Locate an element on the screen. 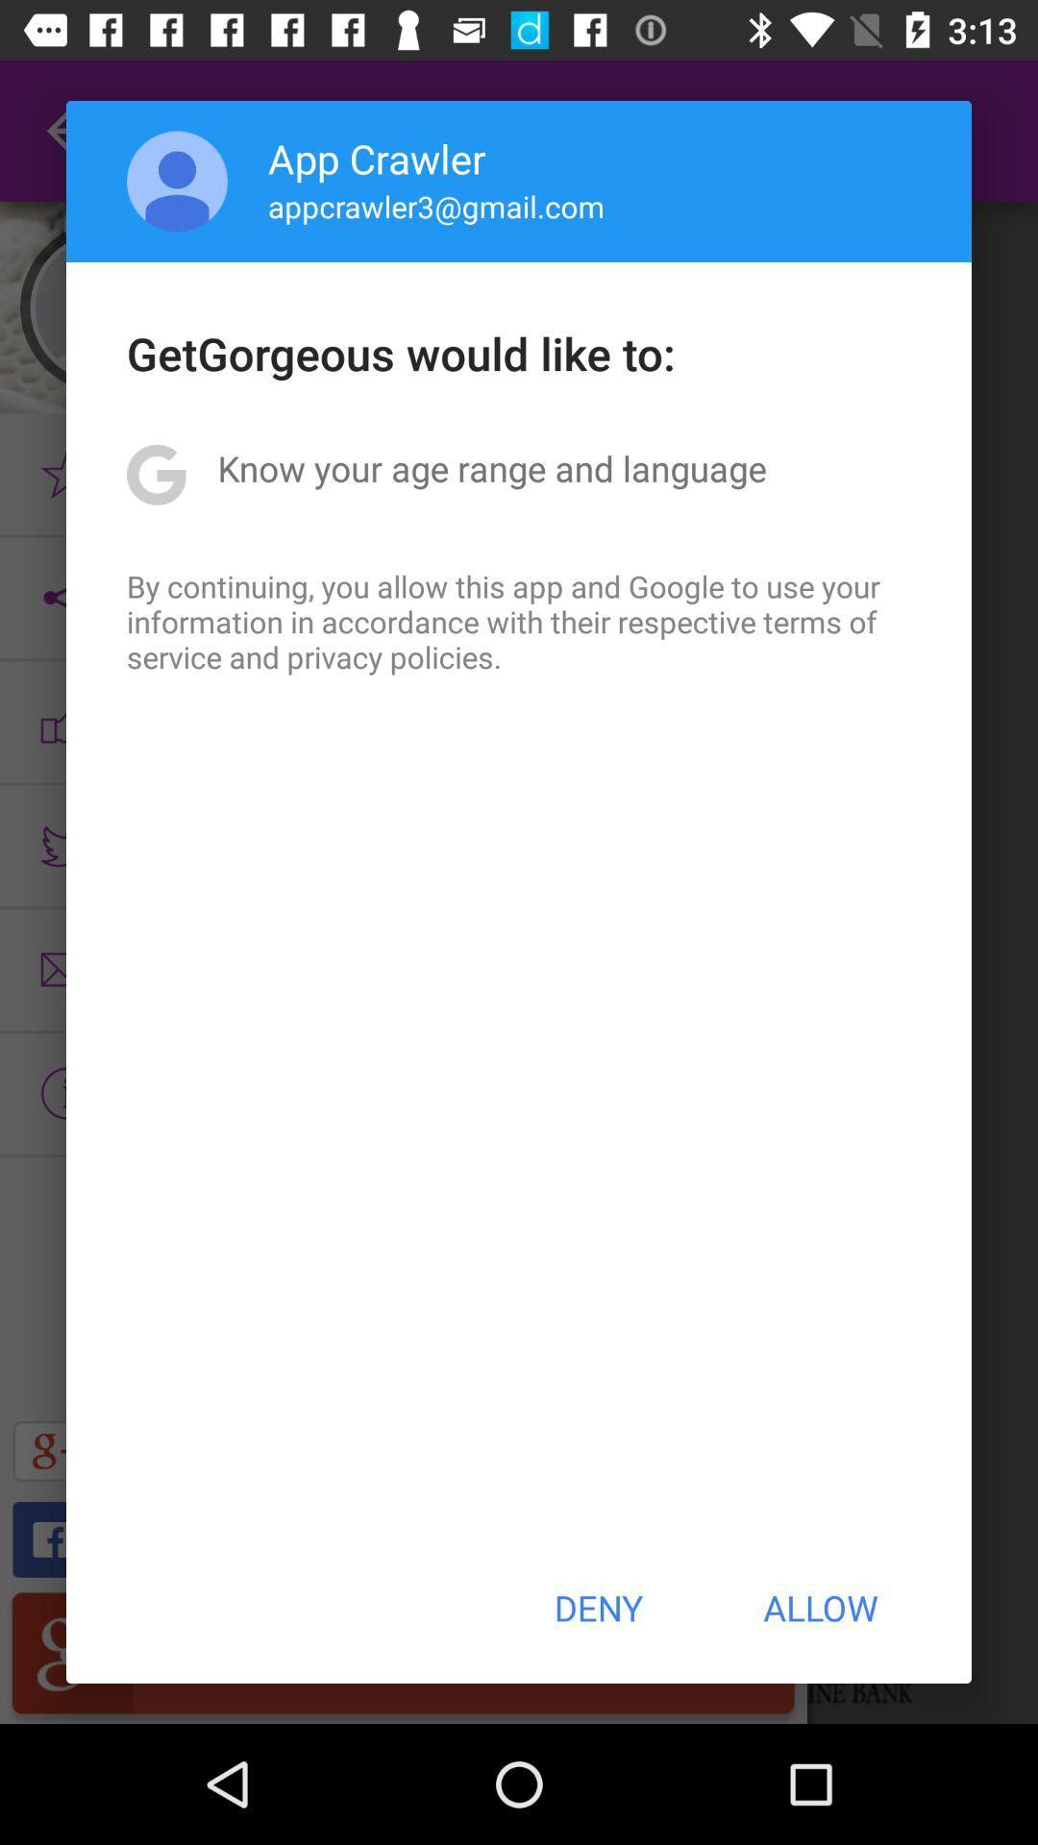  the icon below app crawler icon is located at coordinates (436, 206).